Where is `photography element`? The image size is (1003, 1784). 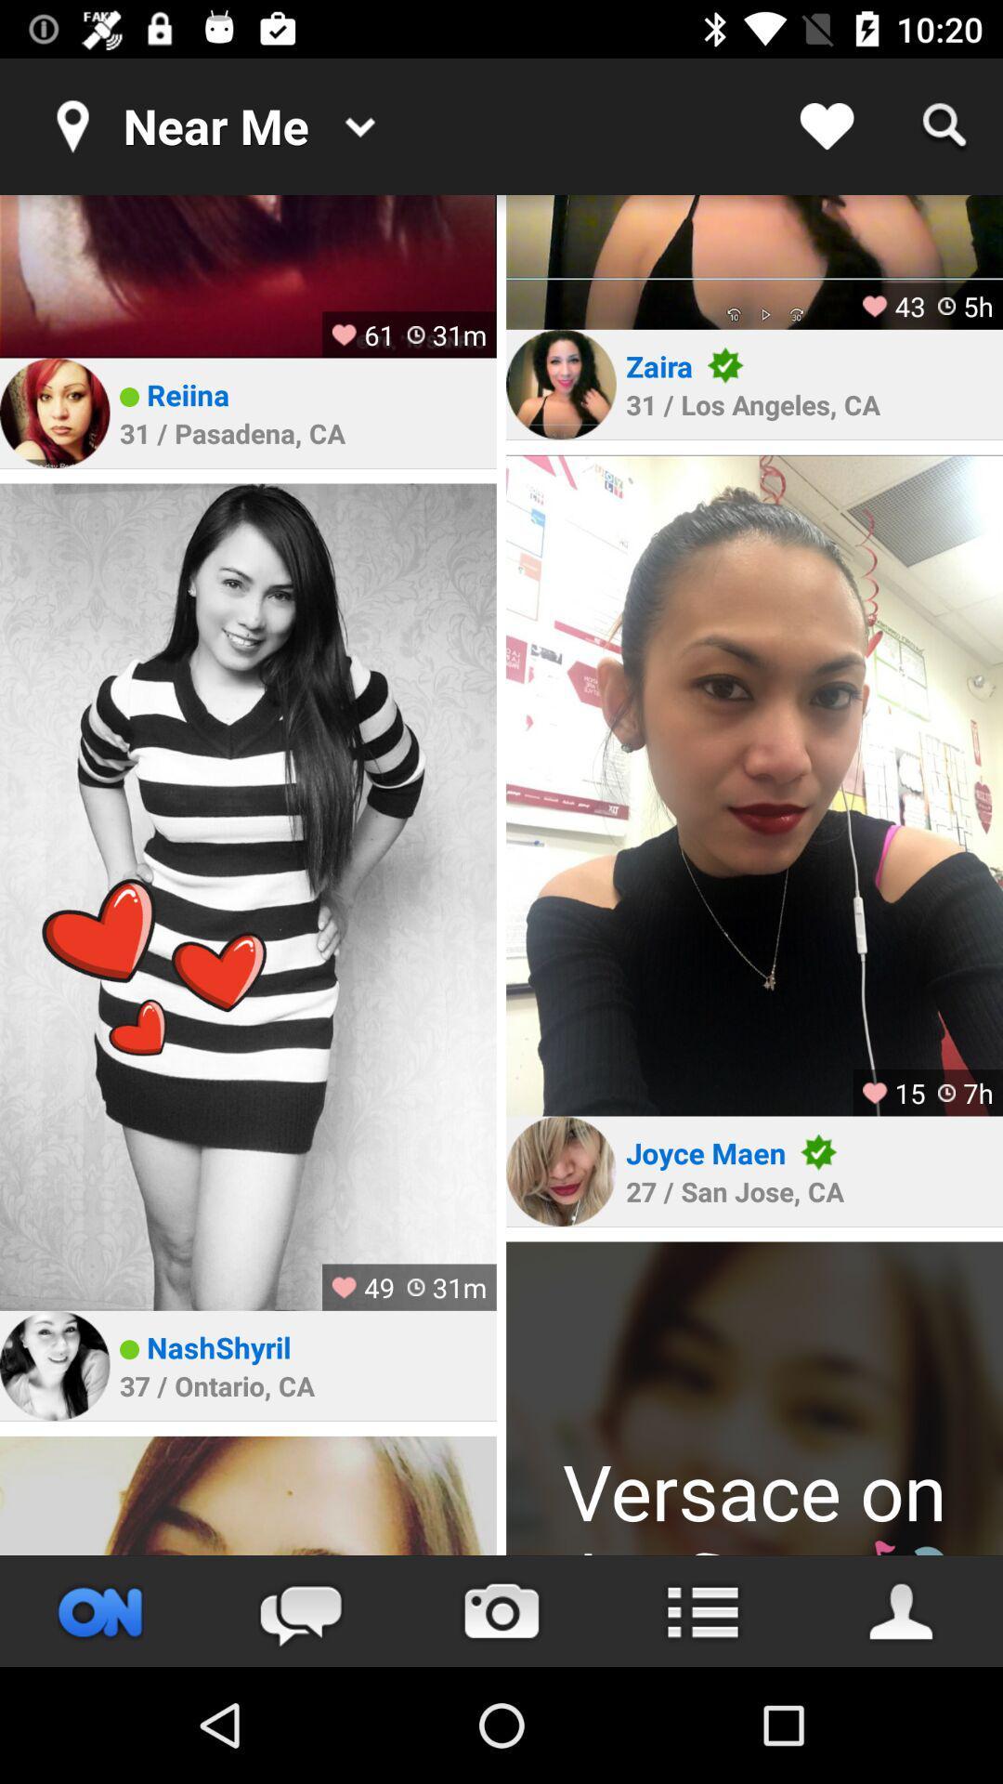
photography element is located at coordinates (754, 785).